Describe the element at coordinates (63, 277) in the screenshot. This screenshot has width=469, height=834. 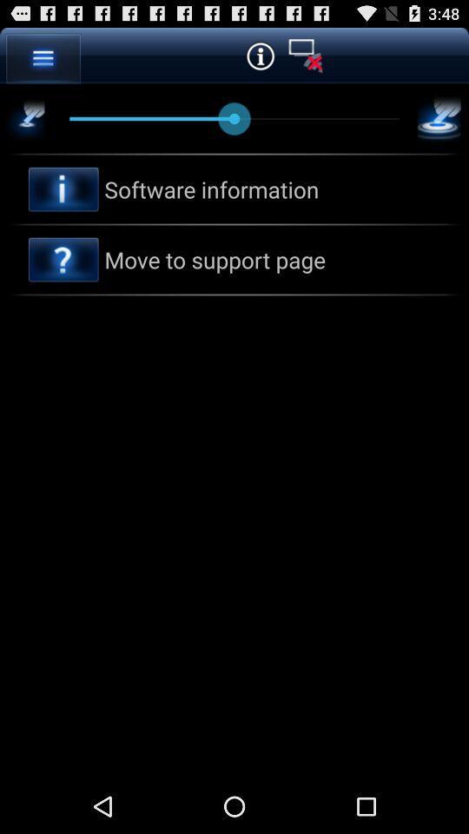
I see `the help icon` at that location.